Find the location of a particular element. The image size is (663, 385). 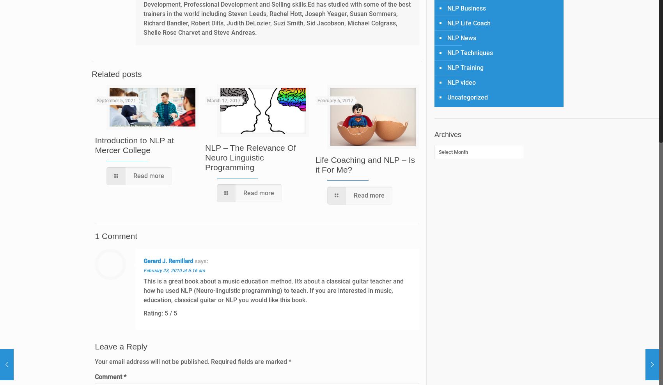

'NLP video' is located at coordinates (461, 82).